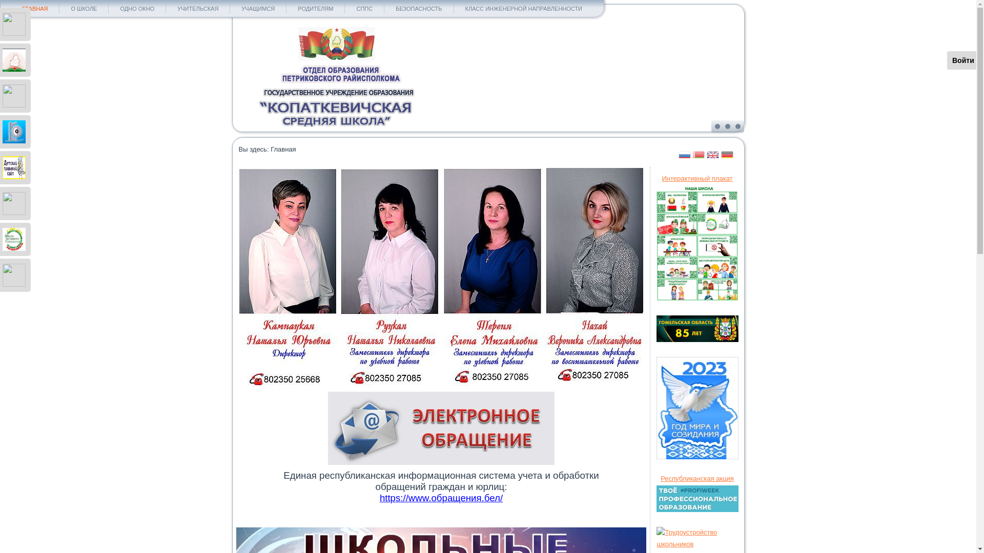 The image size is (984, 553). Describe the element at coordinates (684, 154) in the screenshot. I see `'Russian'` at that location.